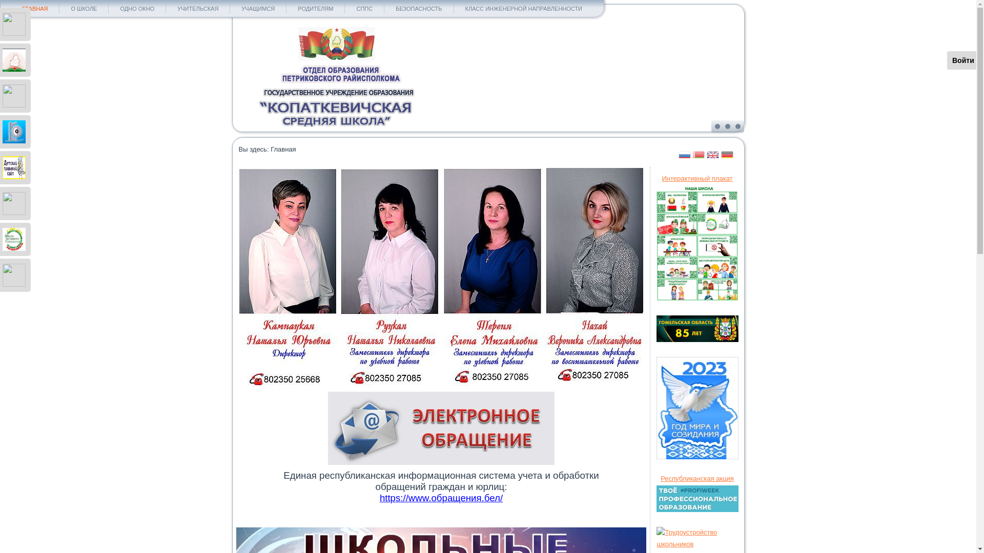 The image size is (984, 553). Describe the element at coordinates (684, 154) in the screenshot. I see `'Russian'` at that location.